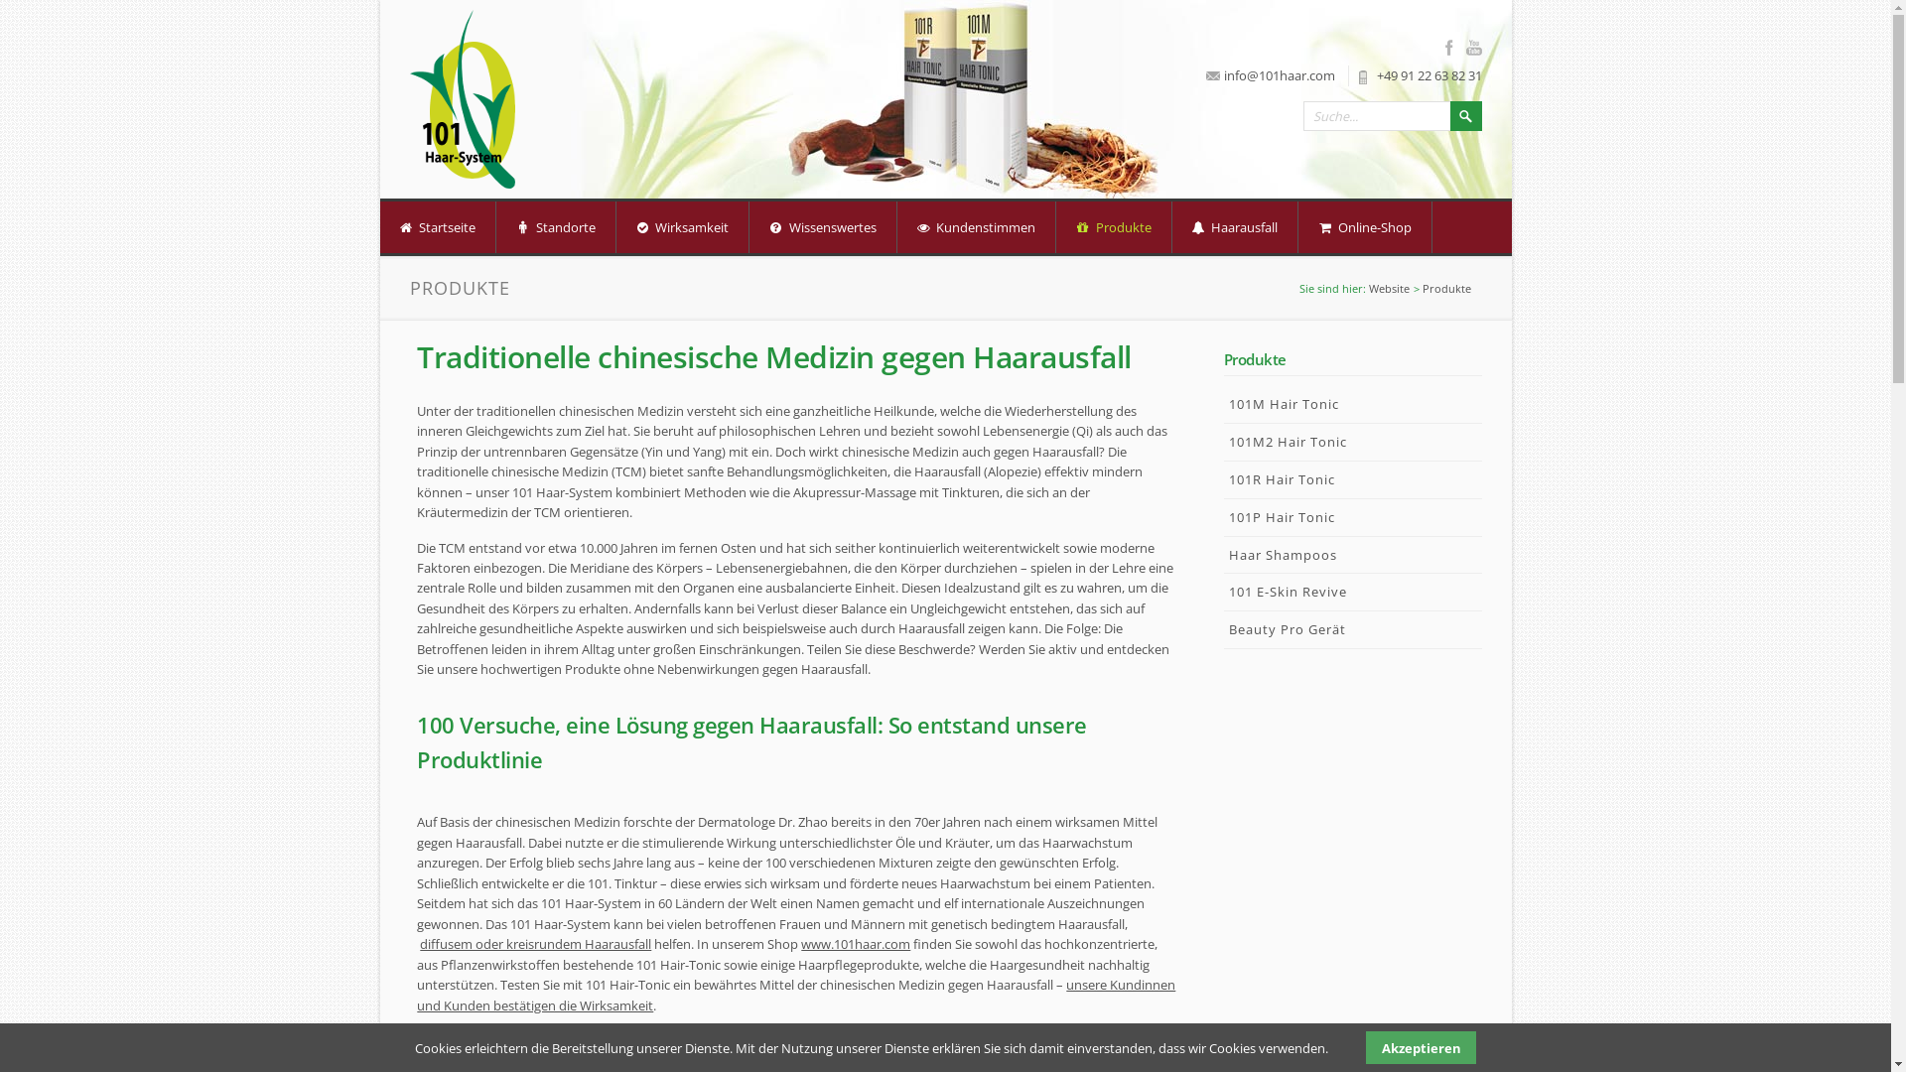 The height and width of the screenshot is (1072, 1906). Describe the element at coordinates (1351, 516) in the screenshot. I see `'101P Hair Tonic'` at that location.